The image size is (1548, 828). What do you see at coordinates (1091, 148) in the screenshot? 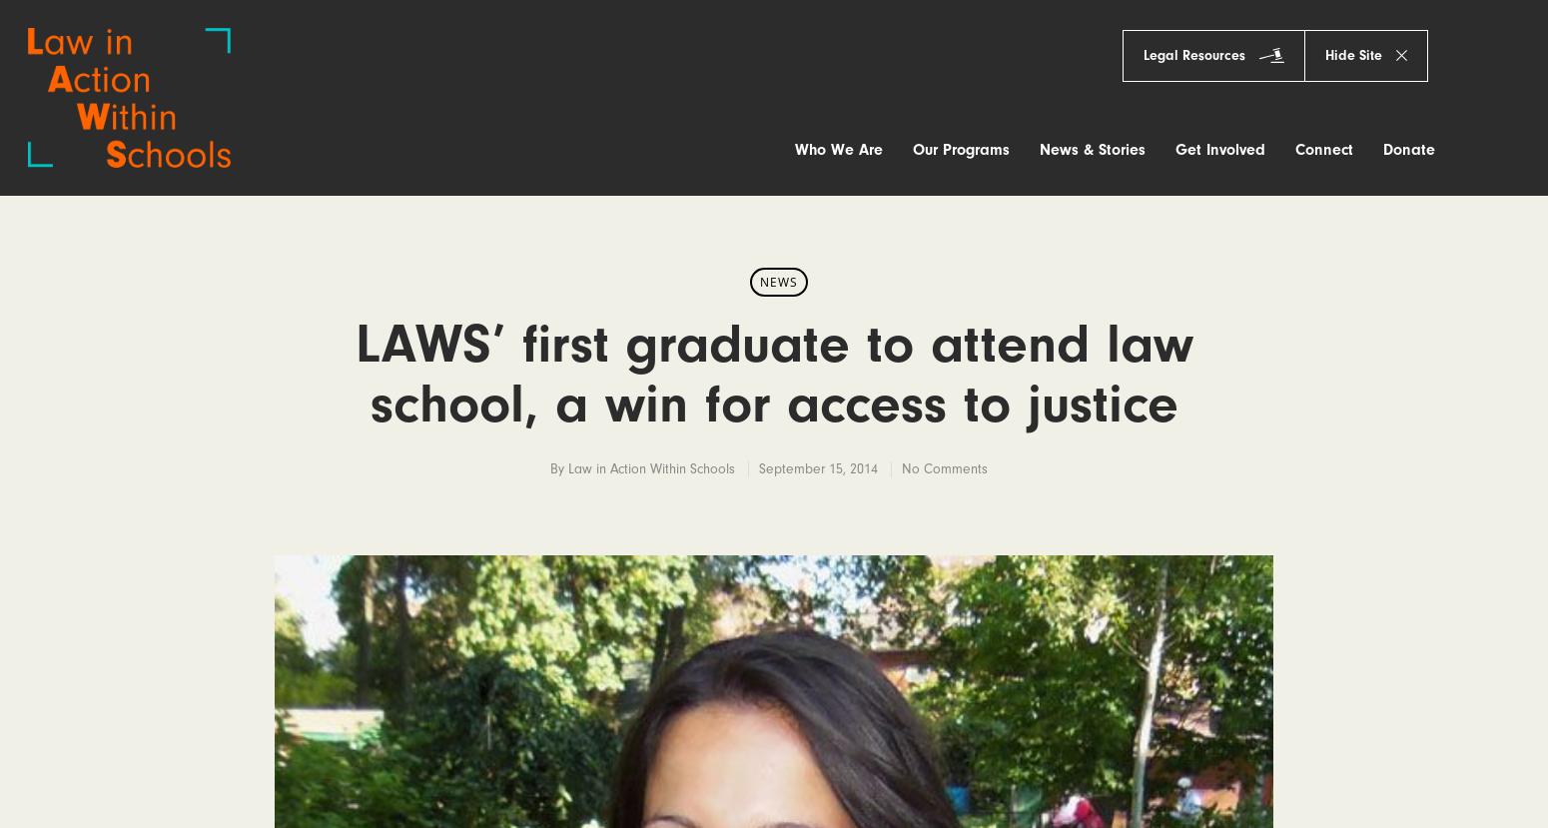
I see `'News & Stories'` at bounding box center [1091, 148].